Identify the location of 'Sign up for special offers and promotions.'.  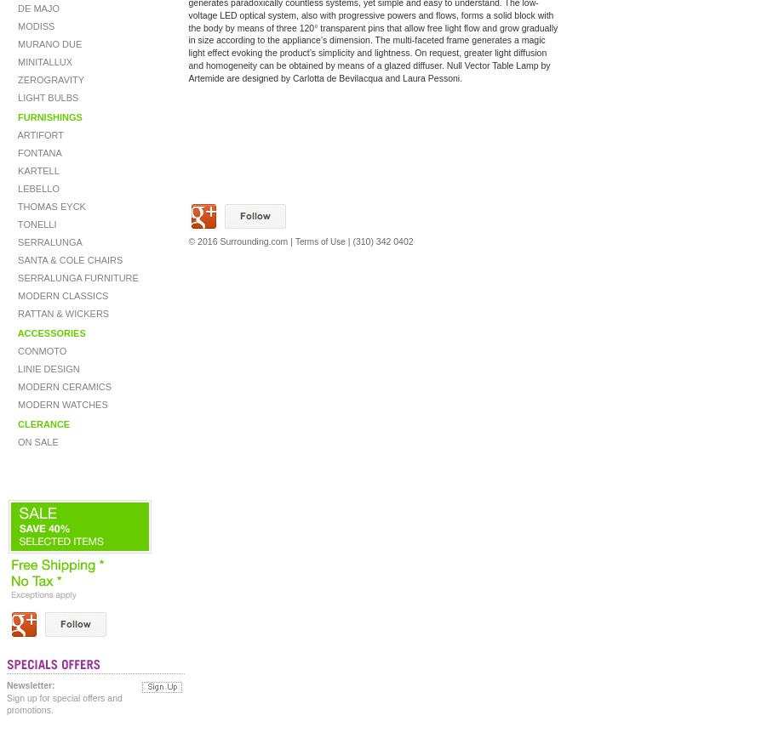
(64, 703).